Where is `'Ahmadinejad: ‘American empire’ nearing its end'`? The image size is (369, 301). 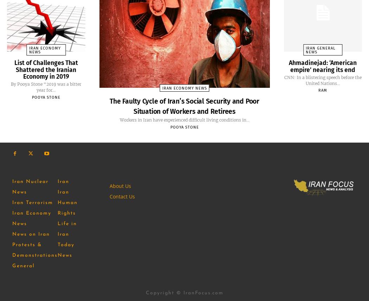 'Ahmadinejad: ‘American empire’ nearing its end' is located at coordinates (323, 65).